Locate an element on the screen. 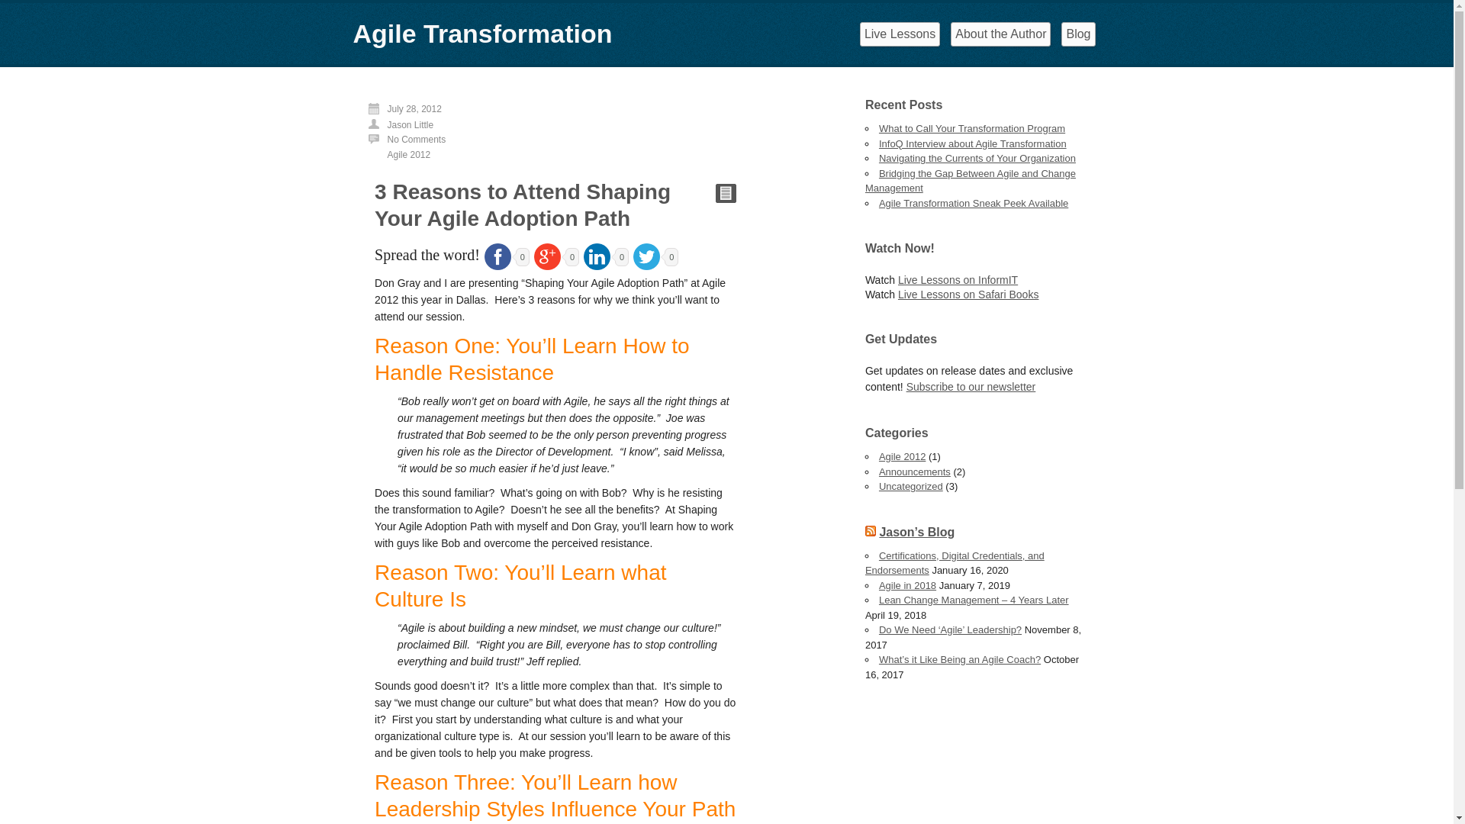 This screenshot has height=824, width=1465. 'Announcements' is located at coordinates (879, 470).